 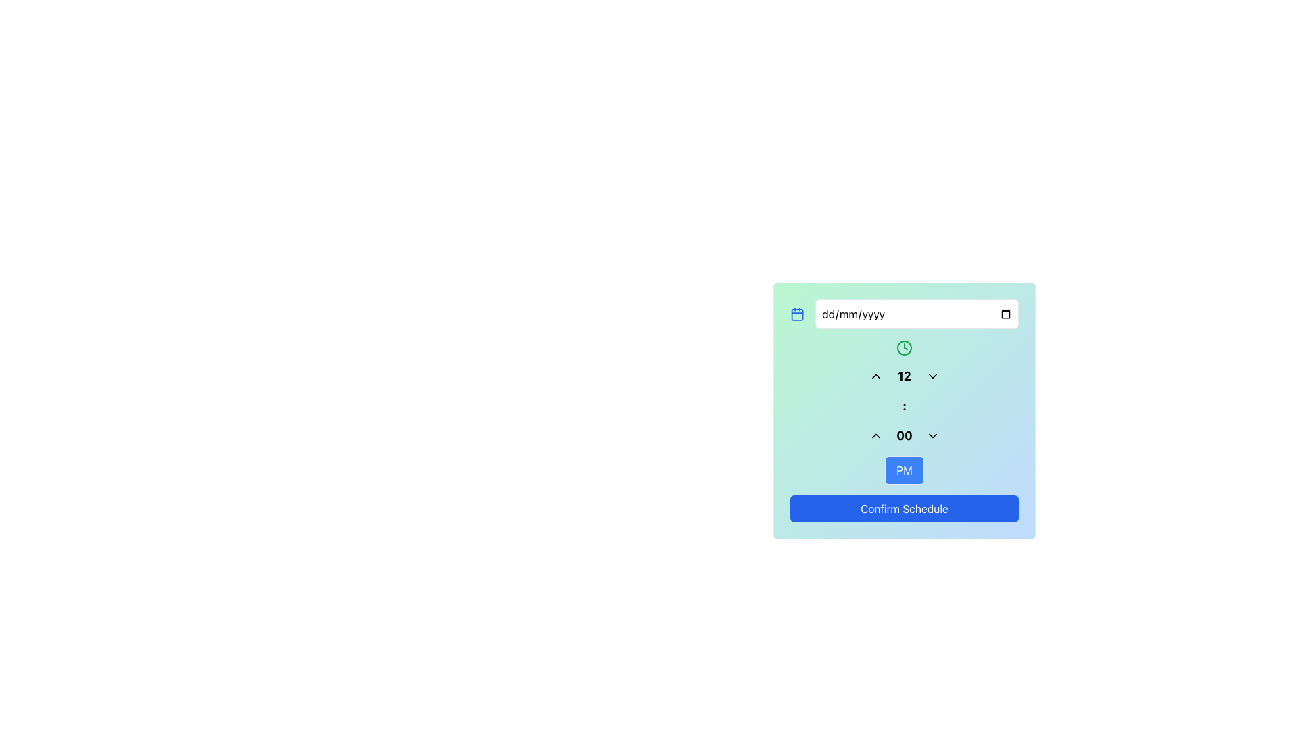 I want to click on the downward-facing chevron arrow icon on the far-right side of the interface, so click(x=932, y=435).